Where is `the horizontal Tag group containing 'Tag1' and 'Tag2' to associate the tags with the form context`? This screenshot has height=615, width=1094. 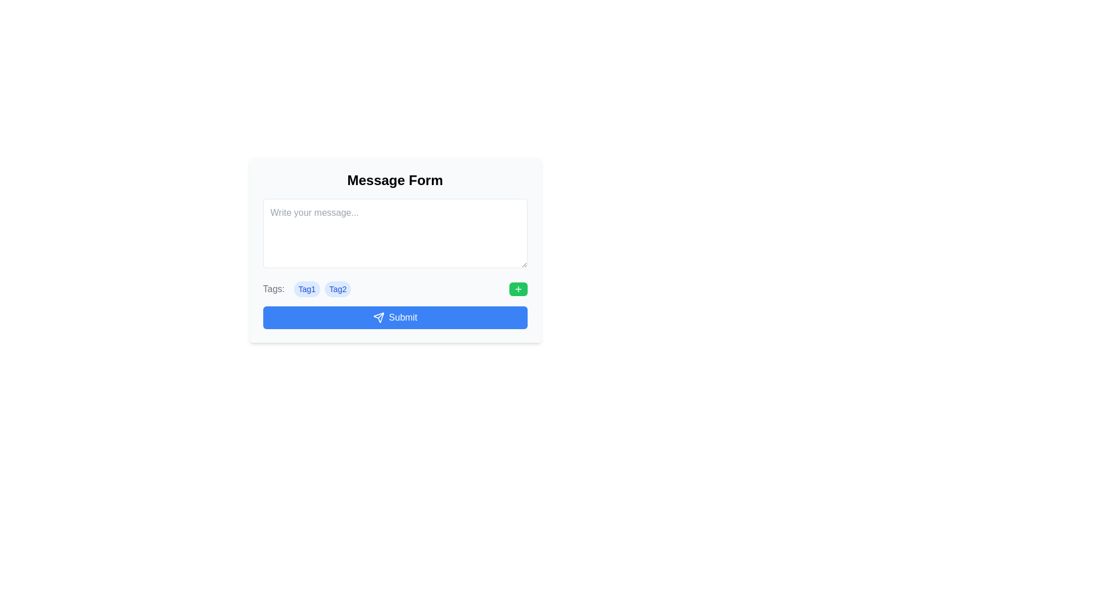 the horizontal Tag group containing 'Tag1' and 'Tag2' to associate the tags with the form context is located at coordinates (322, 289).